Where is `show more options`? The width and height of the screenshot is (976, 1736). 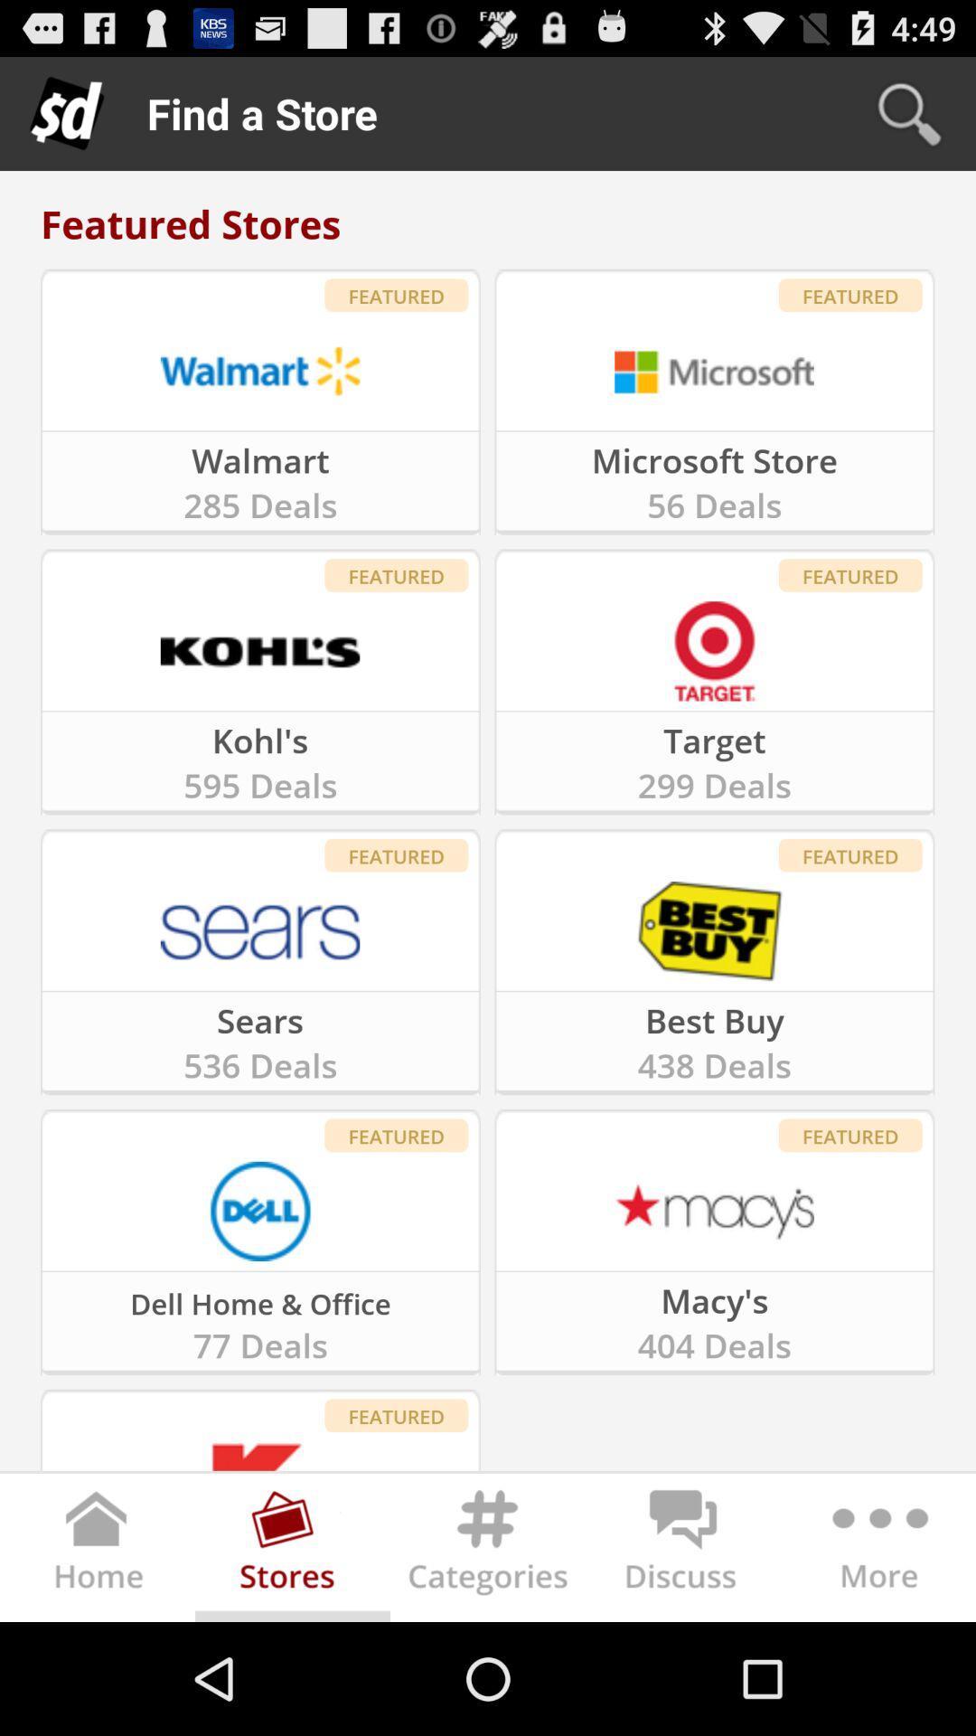
show more options is located at coordinates (877, 1550).